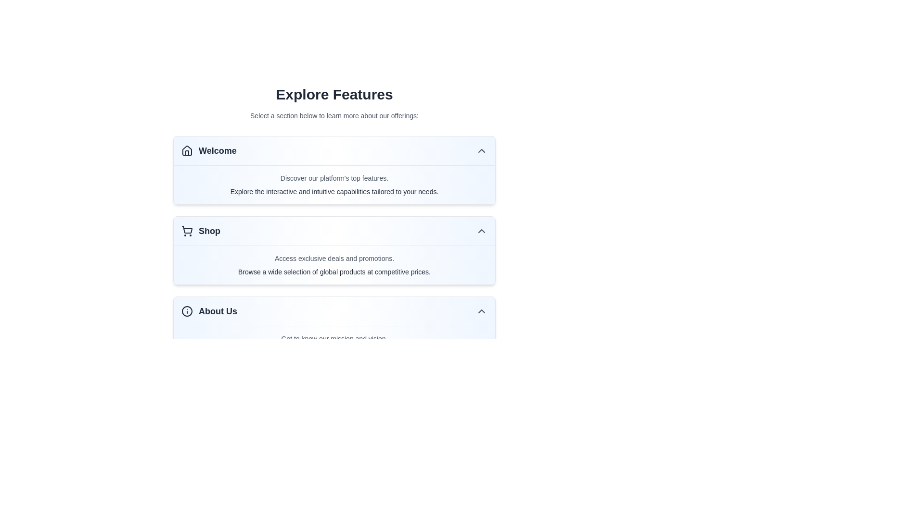  Describe the element at coordinates (334, 258) in the screenshot. I see `the informative text element that displays 'Access exclusive deals and promotions.' within the 'Shop' section header` at that location.